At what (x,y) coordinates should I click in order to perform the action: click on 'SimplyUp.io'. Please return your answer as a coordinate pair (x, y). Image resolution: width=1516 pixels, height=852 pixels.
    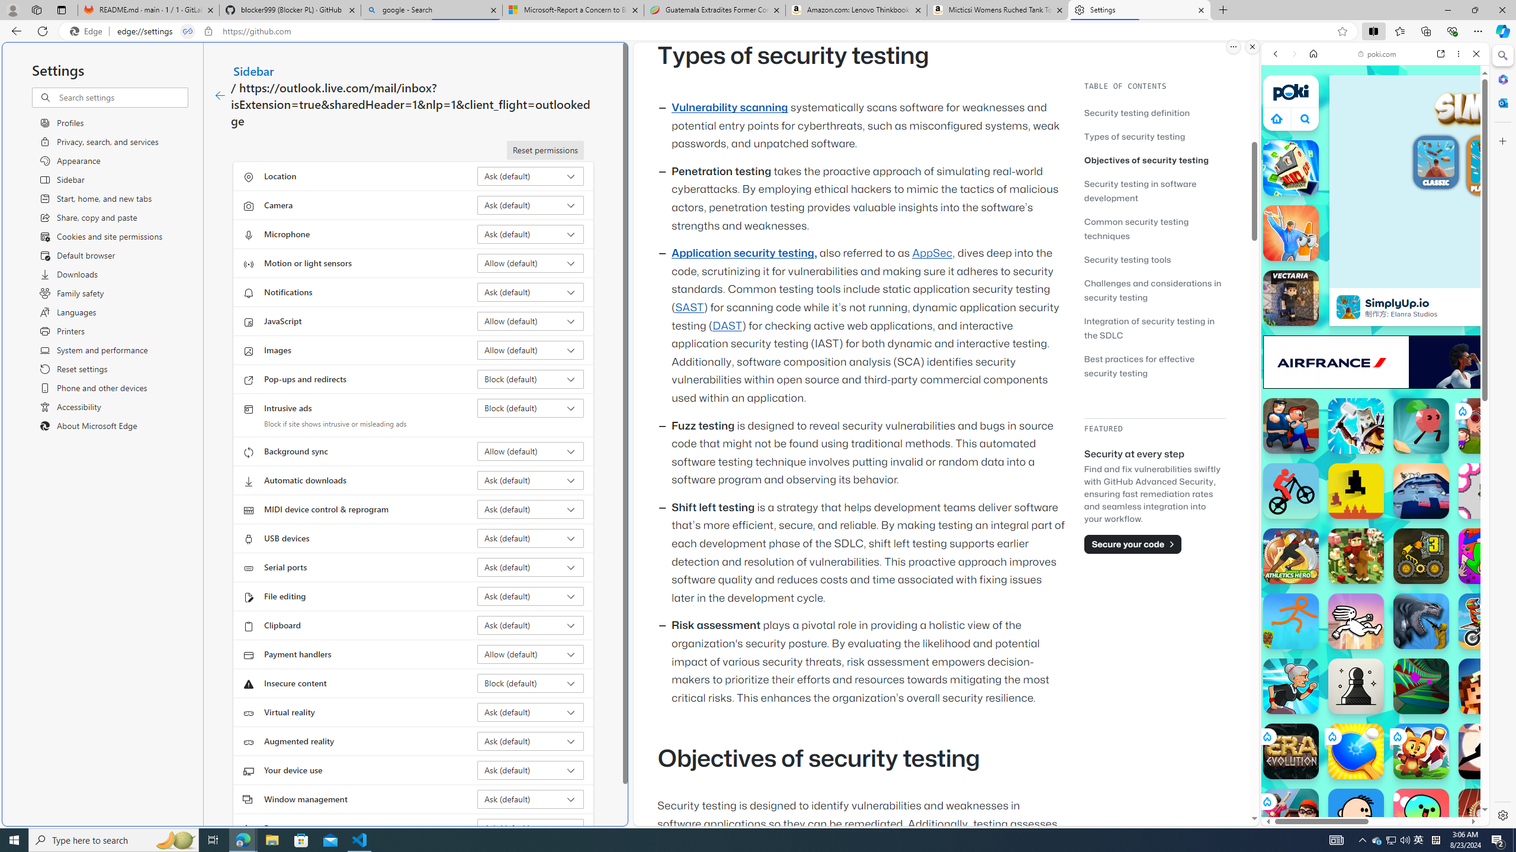
    Looking at the image, I should click on (1348, 306).